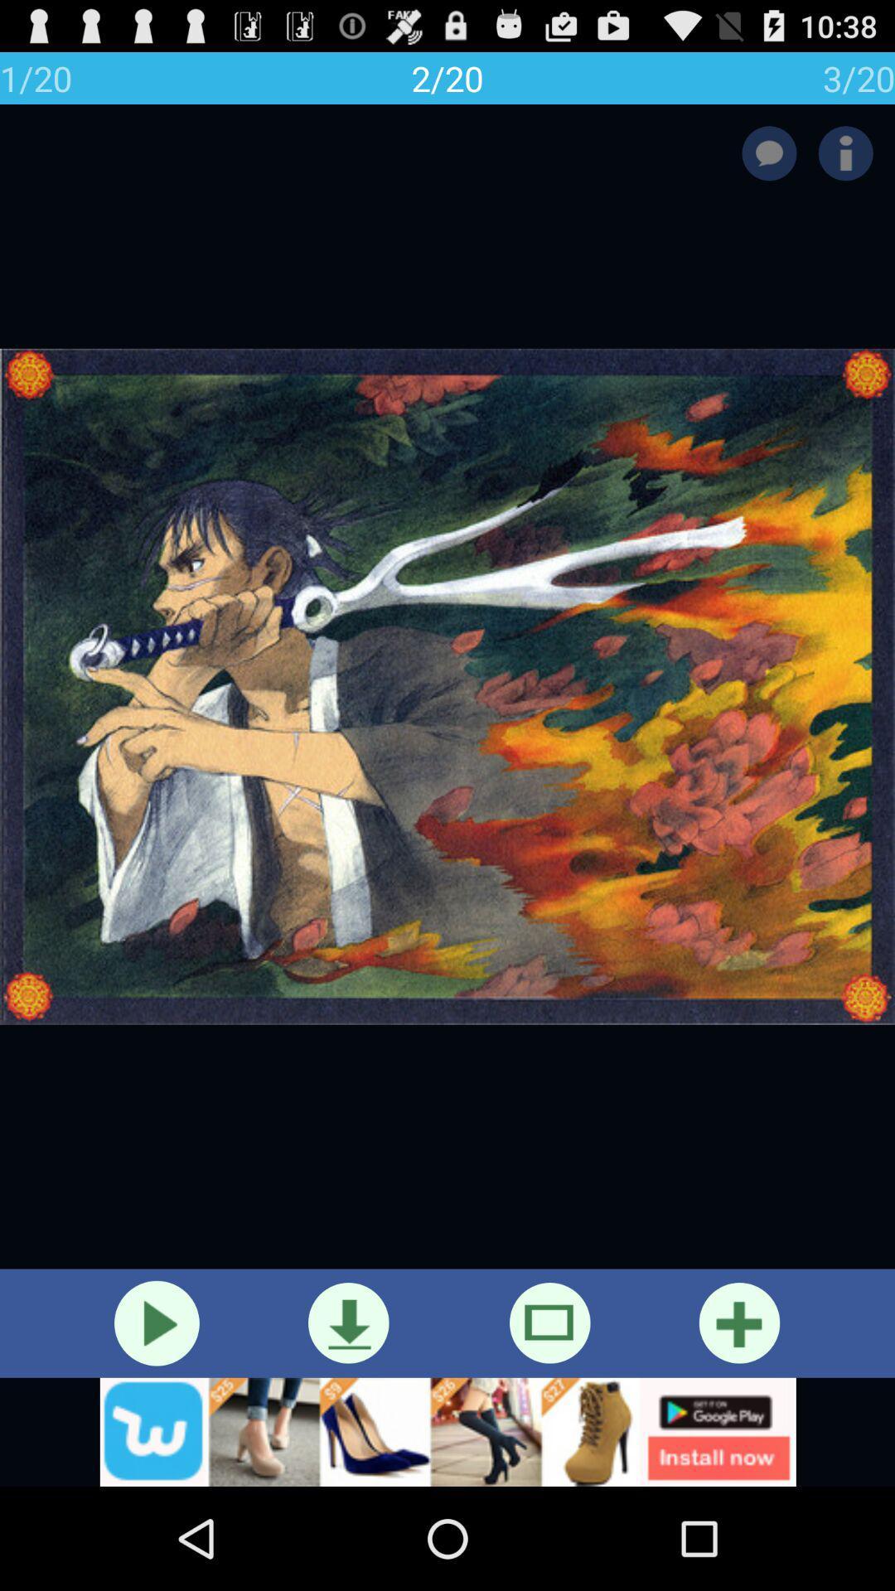 This screenshot has height=1591, width=895. I want to click on leave a comment, so click(769, 153).